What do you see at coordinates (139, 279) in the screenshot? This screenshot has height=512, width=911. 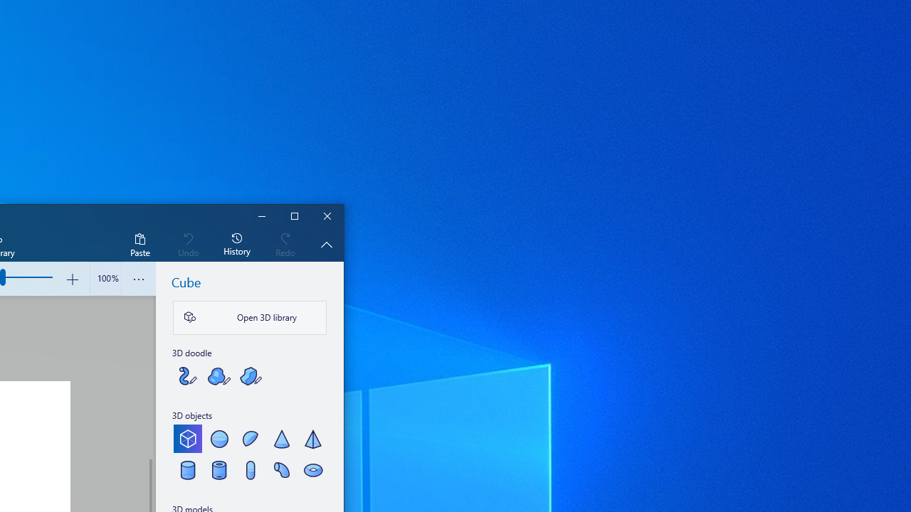 I see `'View more options'` at bounding box center [139, 279].